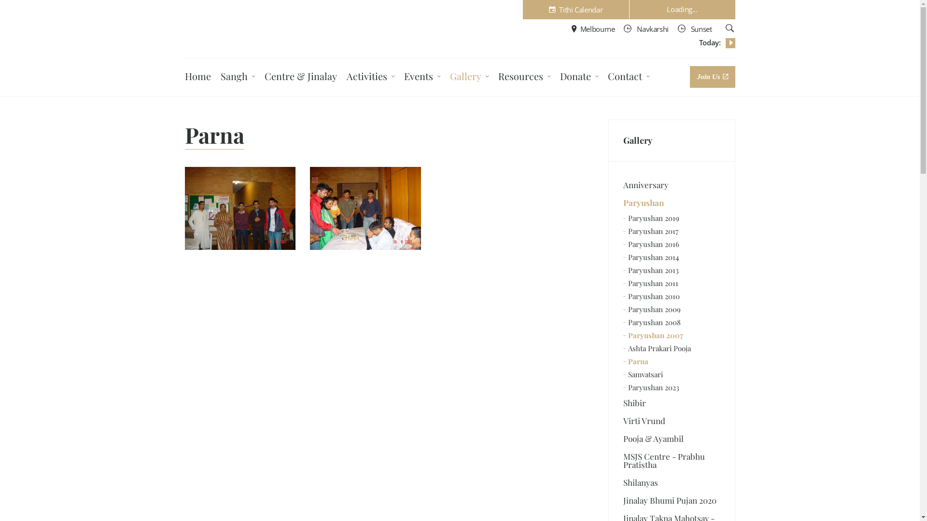  Describe the element at coordinates (671, 244) in the screenshot. I see `'Paryushan 2016'` at that location.